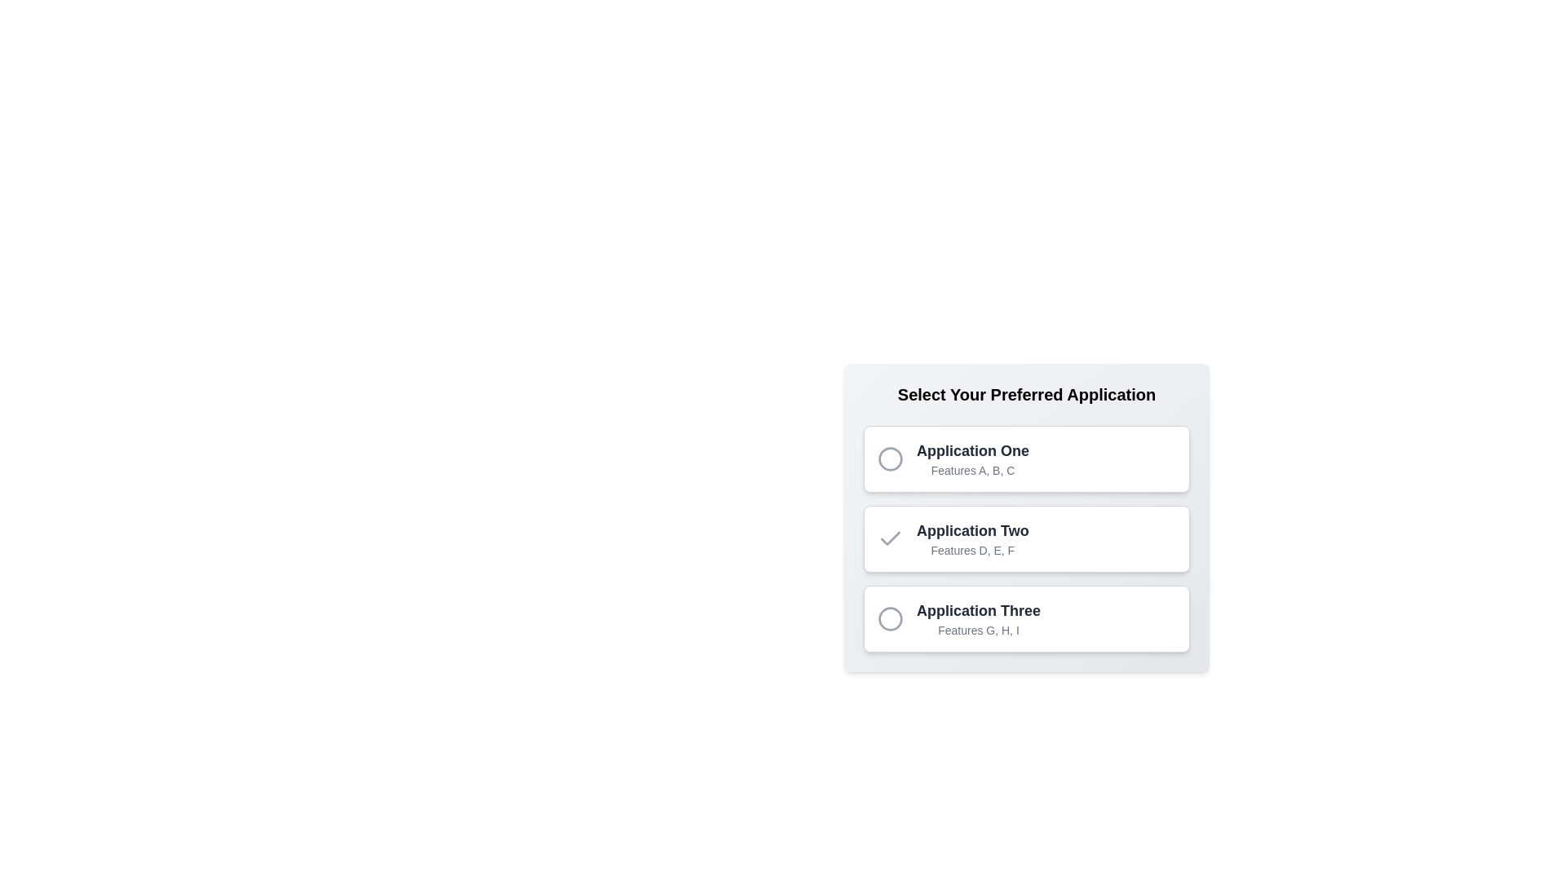 The image size is (1566, 881). I want to click on the circular interactive icon next to the 'Application Three' label, so click(889, 619).